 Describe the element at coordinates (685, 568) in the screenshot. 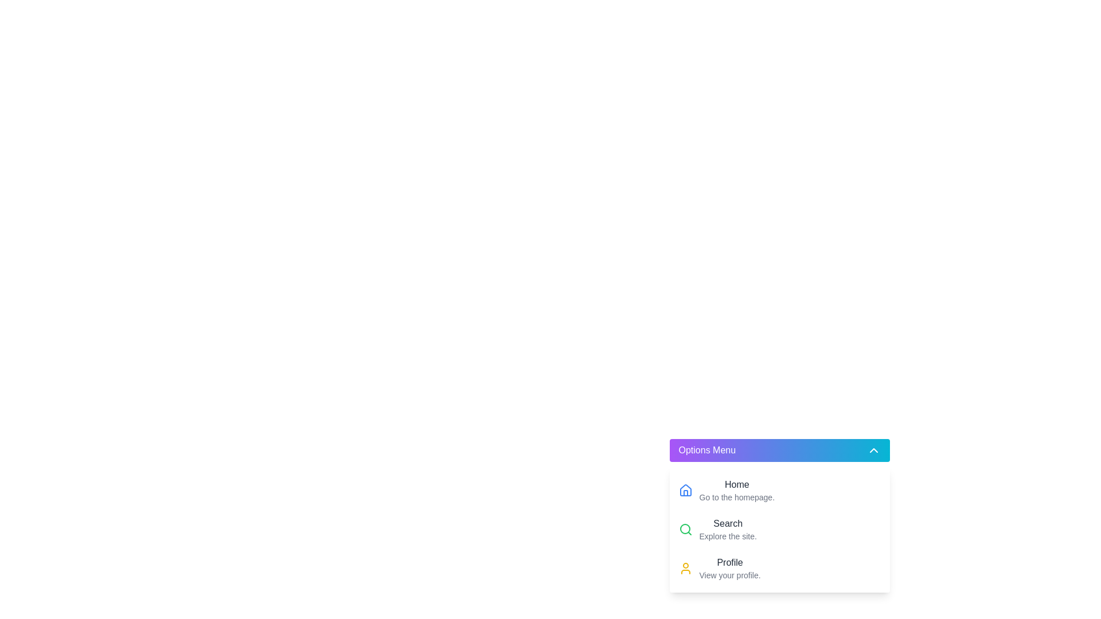

I see `the 'Profile' menu icon located in the bottom-right corner of the interface to use it as a reference for the menu item it represents` at that location.